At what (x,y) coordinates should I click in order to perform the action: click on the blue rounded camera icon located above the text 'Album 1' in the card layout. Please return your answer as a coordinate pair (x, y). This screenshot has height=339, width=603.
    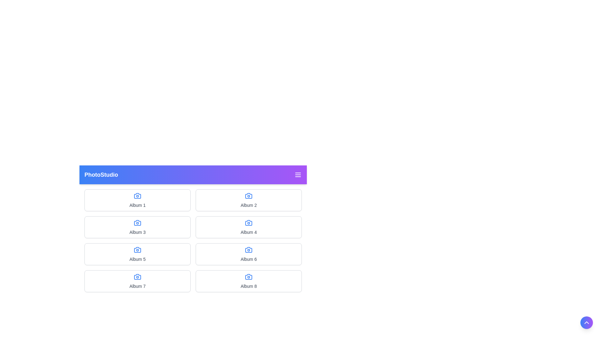
    Looking at the image, I should click on (137, 196).